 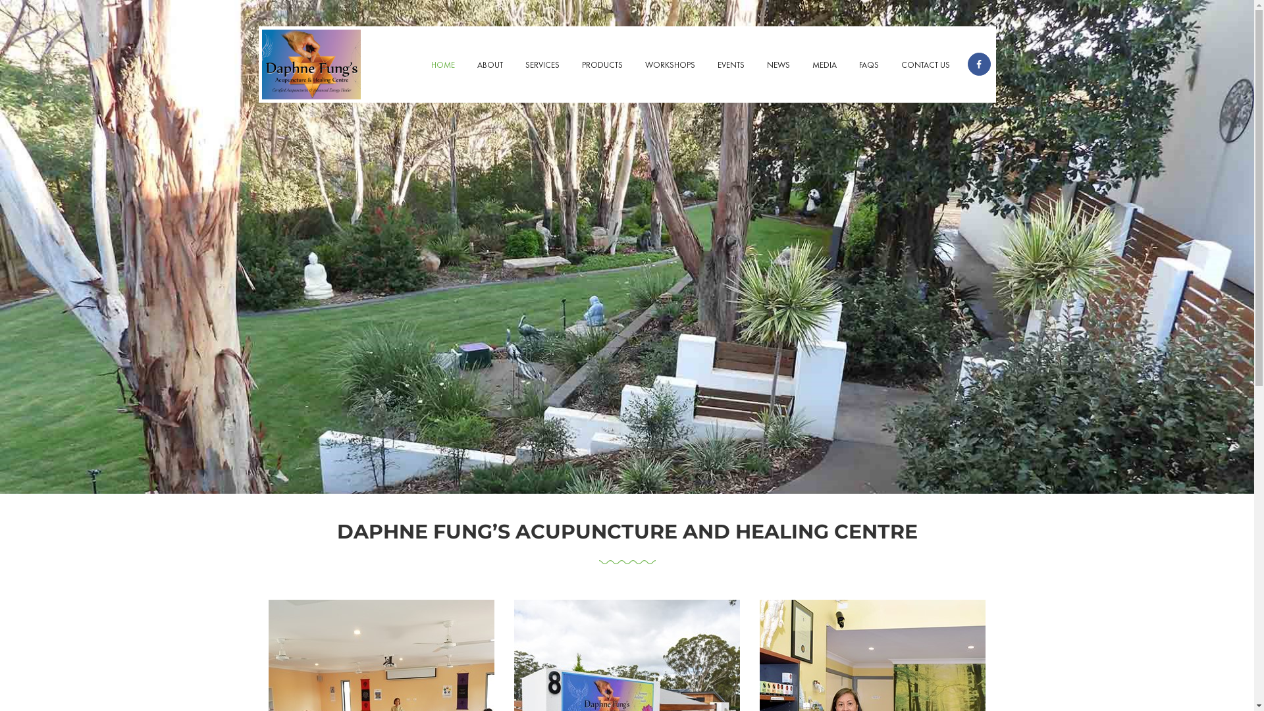 I want to click on 'FAQS', so click(x=869, y=66).